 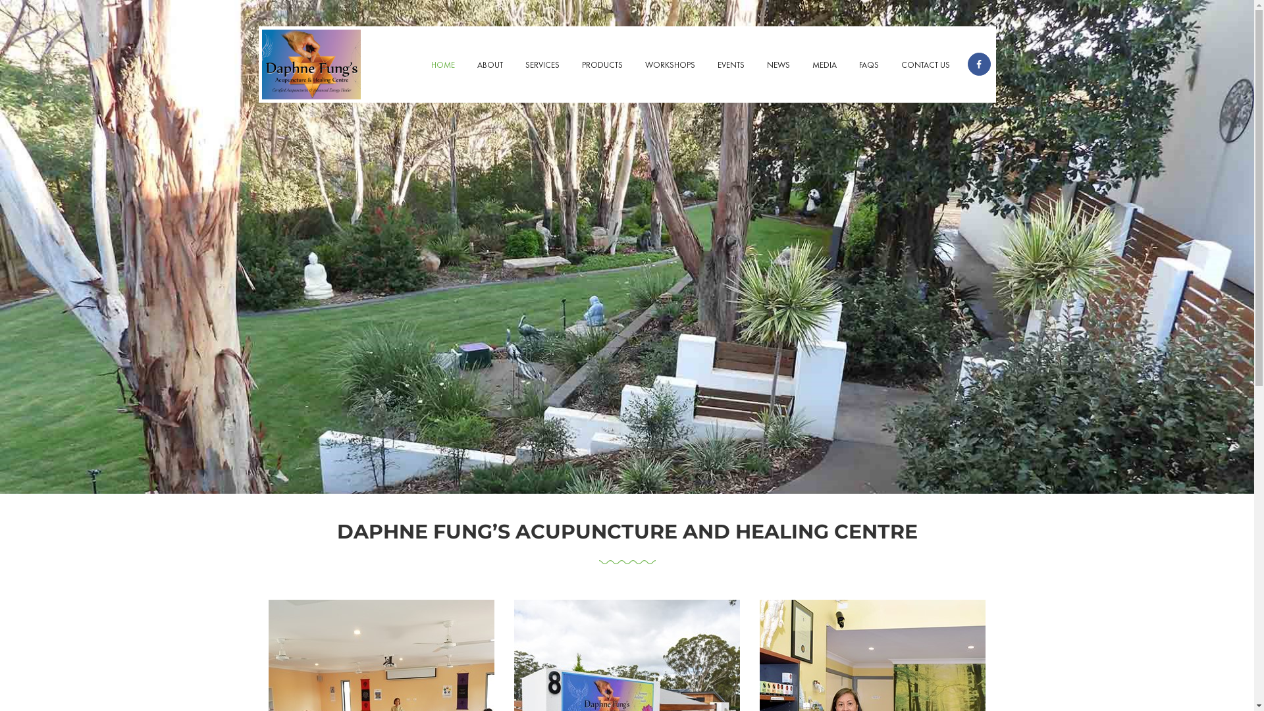 I want to click on 'FAQS', so click(x=869, y=66).